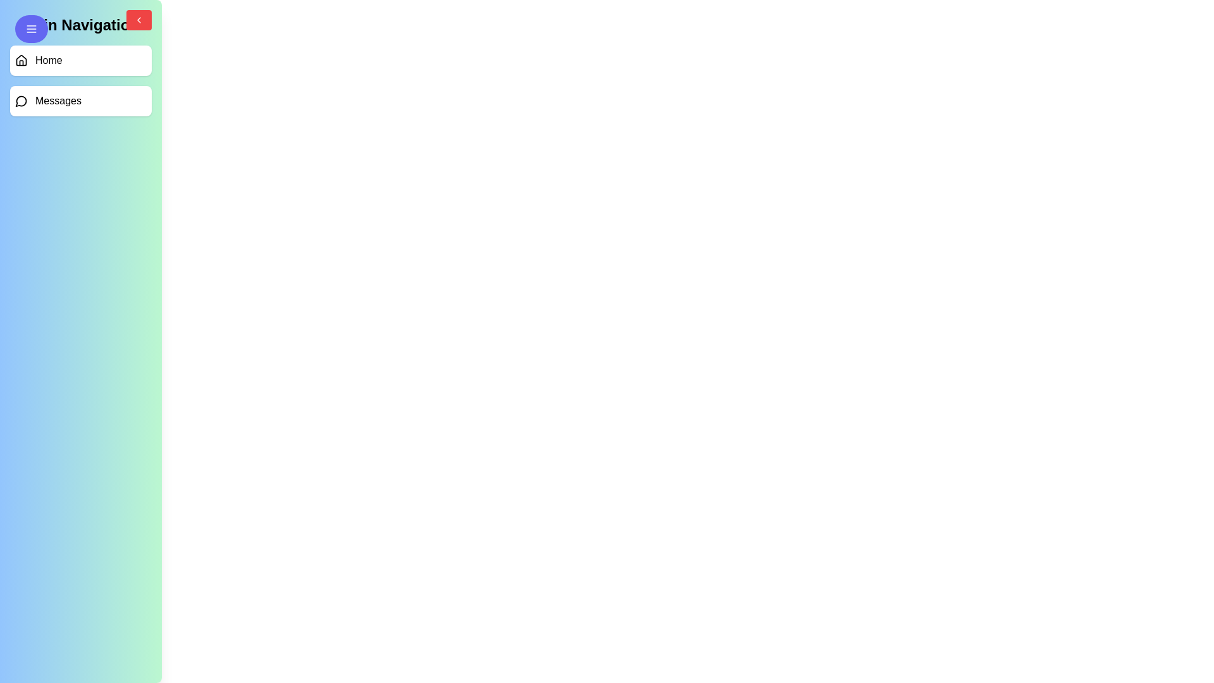 The height and width of the screenshot is (683, 1214). Describe the element at coordinates (139, 20) in the screenshot. I see `the small, rounded rectangle button located at the top-right corner of the sidebar with a red background and a white left-pointing arrow icon` at that location.